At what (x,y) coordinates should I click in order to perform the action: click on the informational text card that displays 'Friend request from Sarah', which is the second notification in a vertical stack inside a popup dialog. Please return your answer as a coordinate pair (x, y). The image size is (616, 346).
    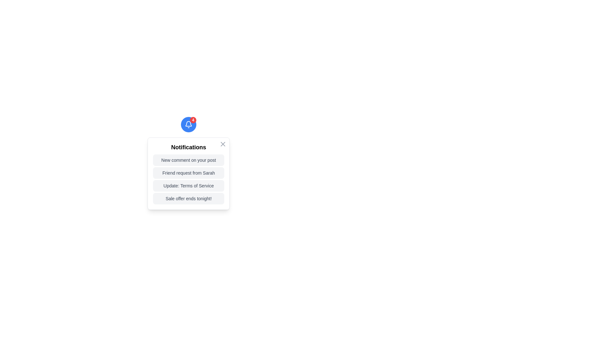
    Looking at the image, I should click on (188, 173).